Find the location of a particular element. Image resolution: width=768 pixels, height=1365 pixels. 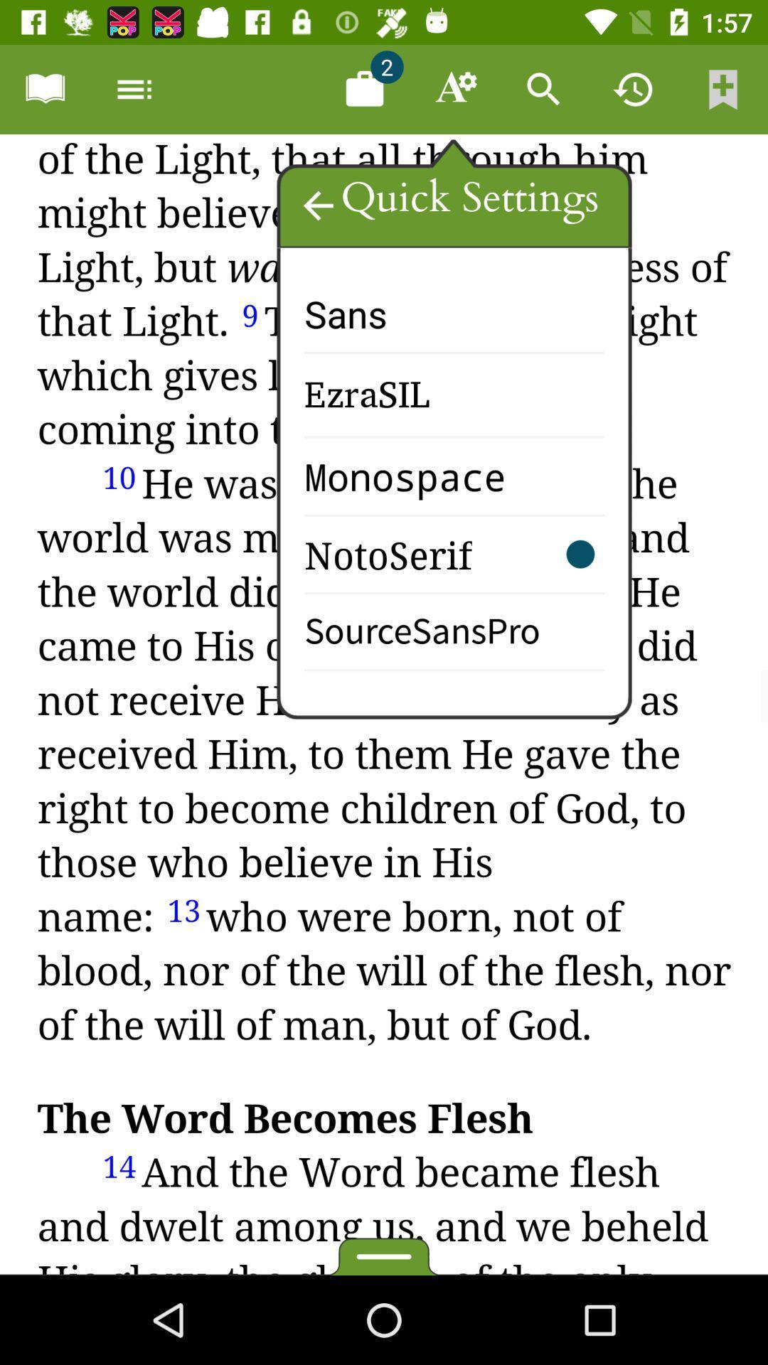

sans which is below quick settings on the page is located at coordinates (380, 326).